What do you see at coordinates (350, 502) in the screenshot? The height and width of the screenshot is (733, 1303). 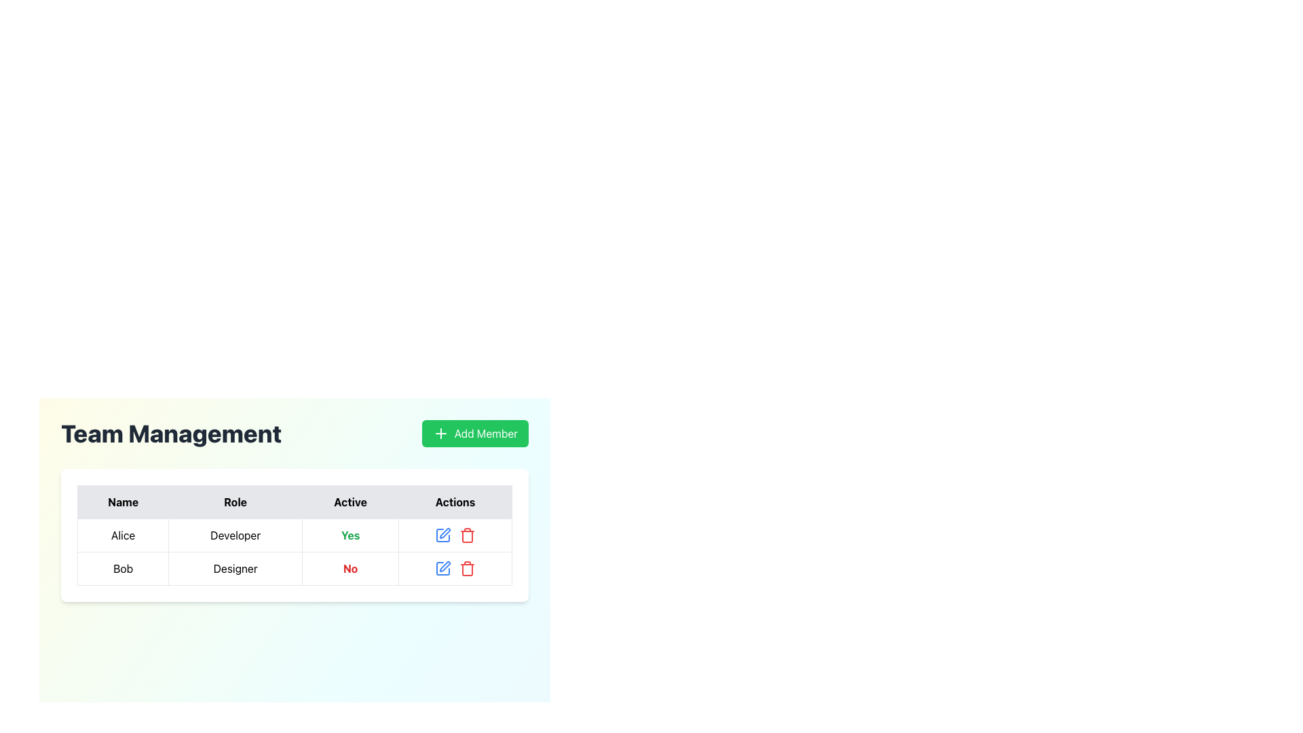 I see `the Table Header Cell that indicates the active status of listed users, located in the third column of the table header row` at bounding box center [350, 502].